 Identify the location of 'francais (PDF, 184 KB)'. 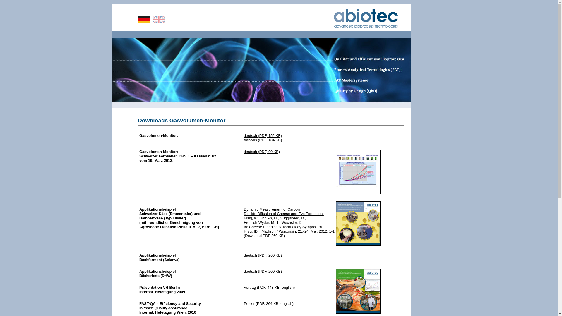
(262, 140).